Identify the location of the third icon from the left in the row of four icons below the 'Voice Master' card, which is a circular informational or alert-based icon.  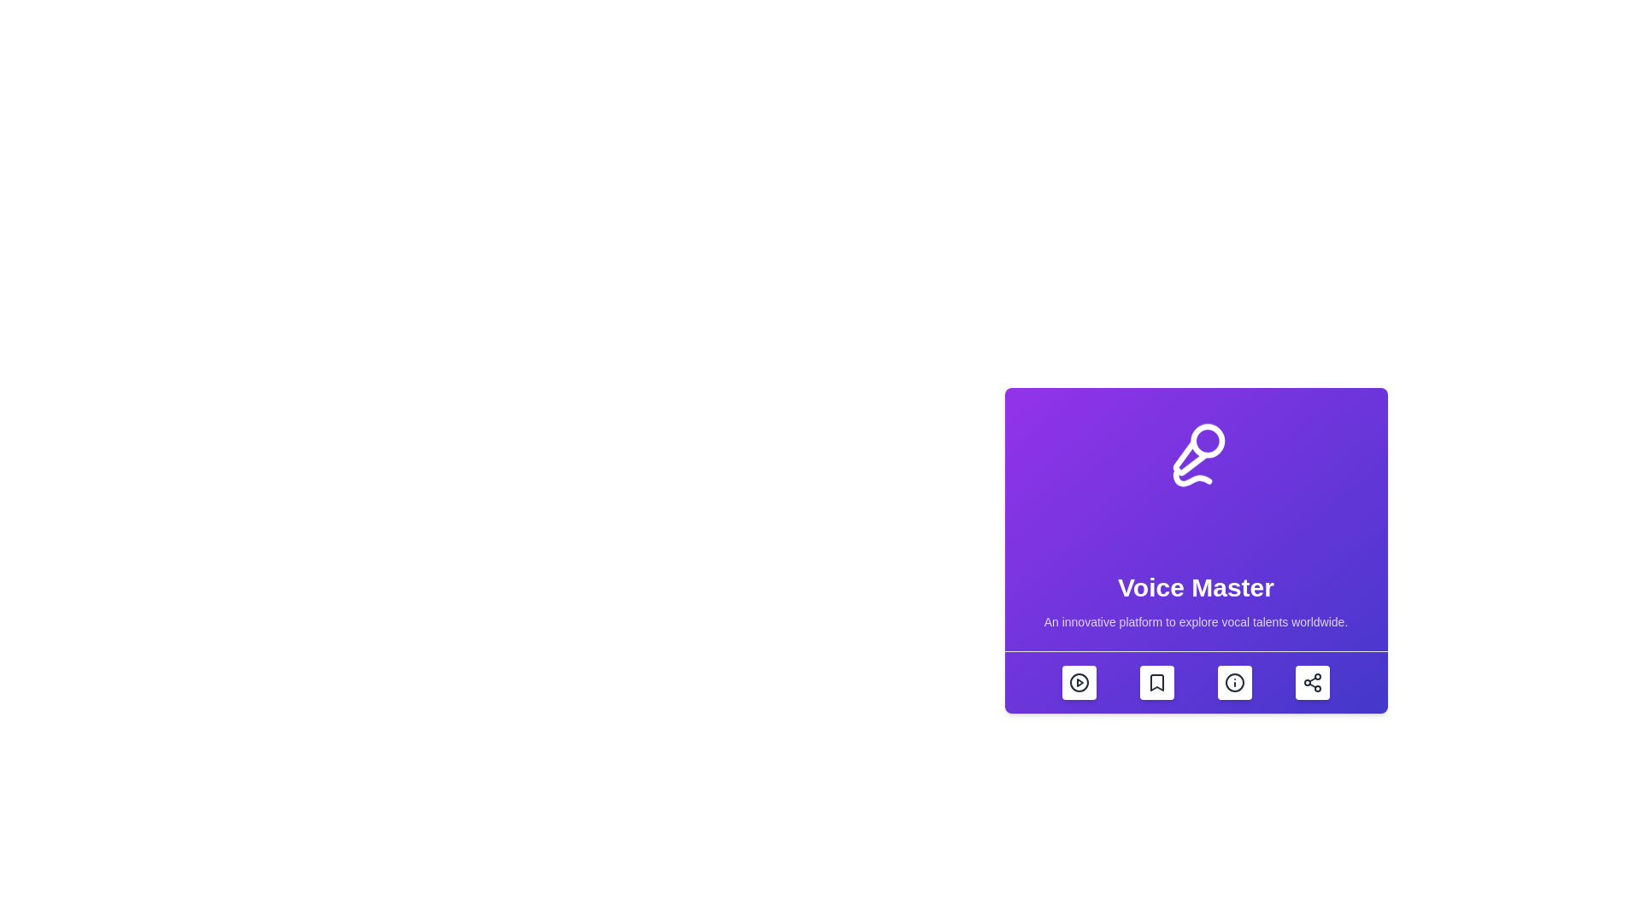
(1234, 681).